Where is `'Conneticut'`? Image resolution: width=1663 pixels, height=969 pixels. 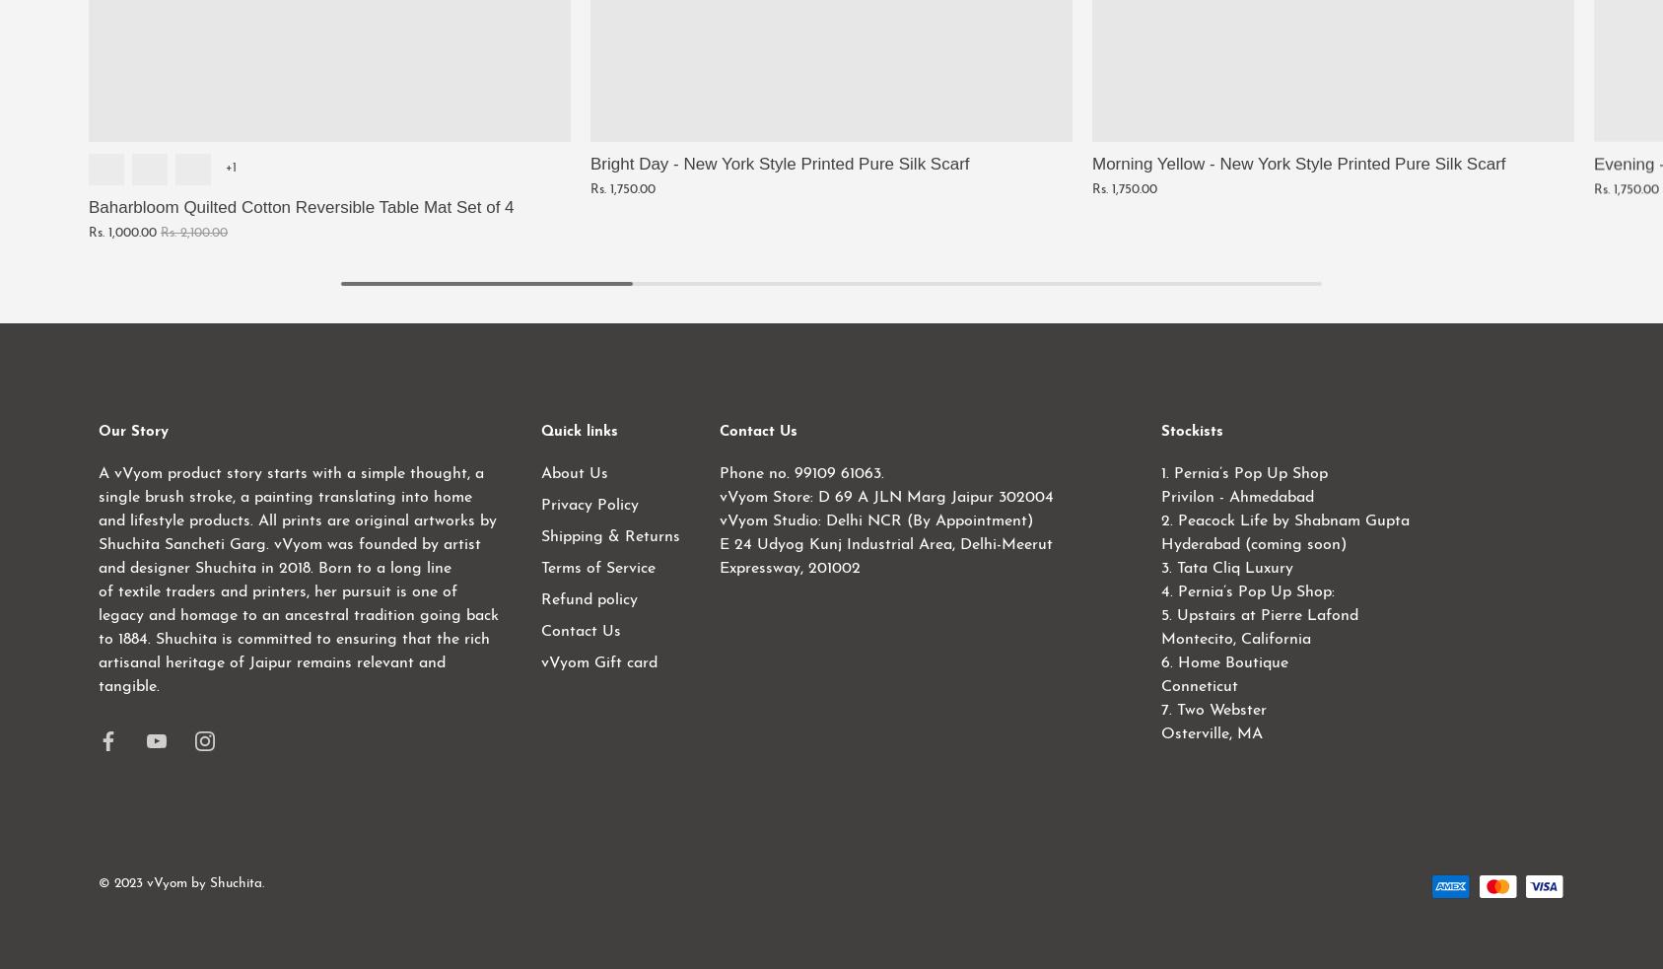 'Conneticut' is located at coordinates (1161, 684).